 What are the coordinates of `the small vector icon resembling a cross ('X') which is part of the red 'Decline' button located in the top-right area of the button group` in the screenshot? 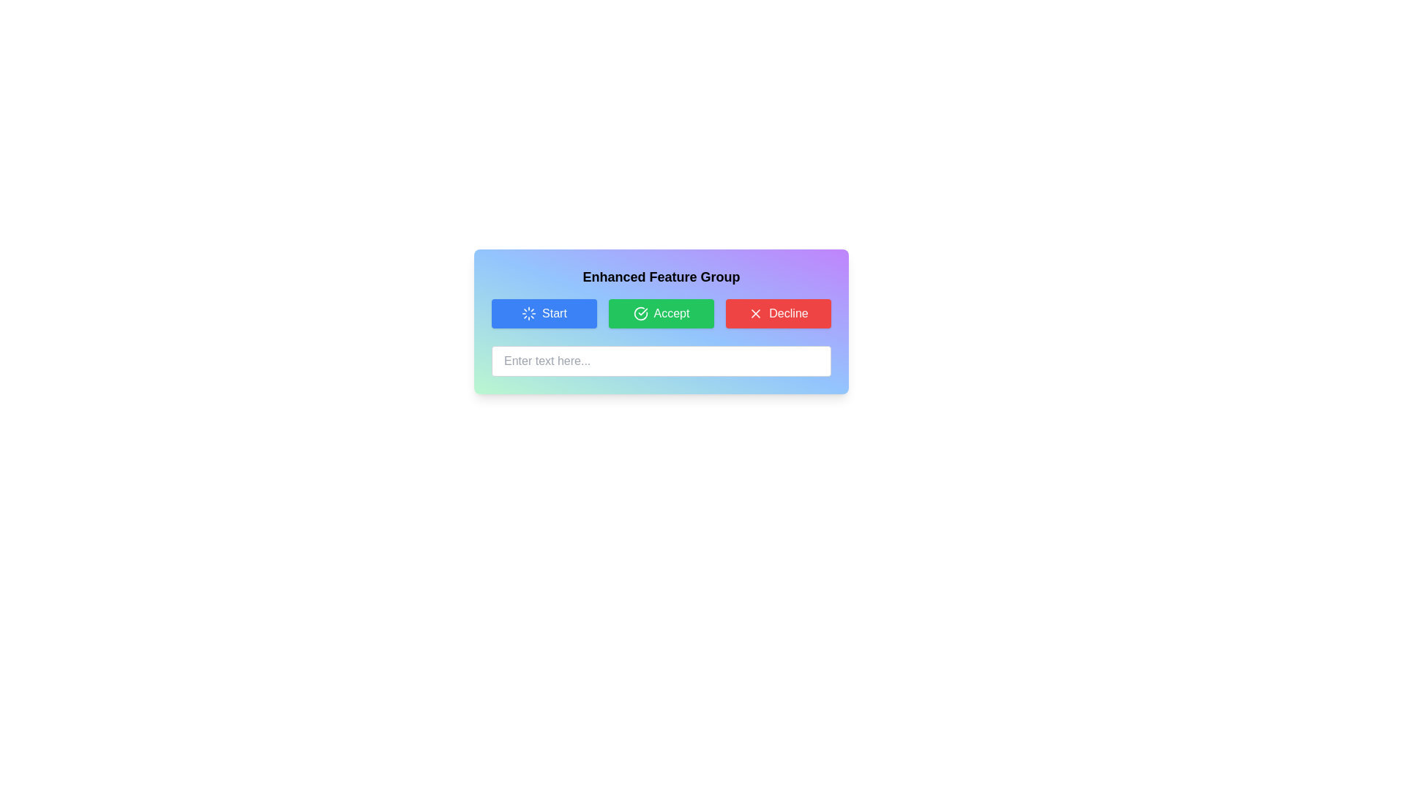 It's located at (756, 312).